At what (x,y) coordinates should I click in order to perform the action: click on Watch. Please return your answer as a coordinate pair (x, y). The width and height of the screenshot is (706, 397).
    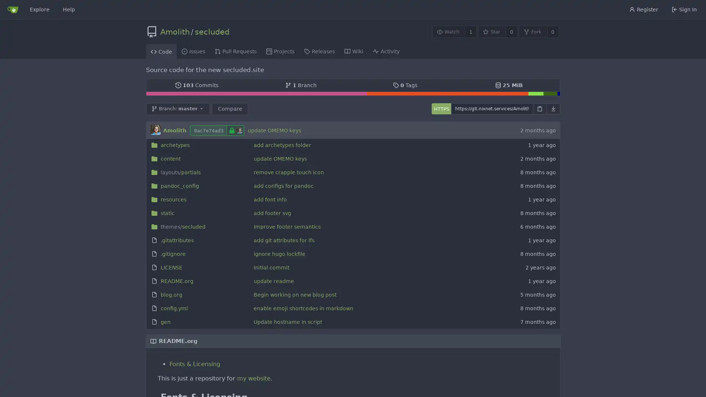
    Looking at the image, I should click on (448, 31).